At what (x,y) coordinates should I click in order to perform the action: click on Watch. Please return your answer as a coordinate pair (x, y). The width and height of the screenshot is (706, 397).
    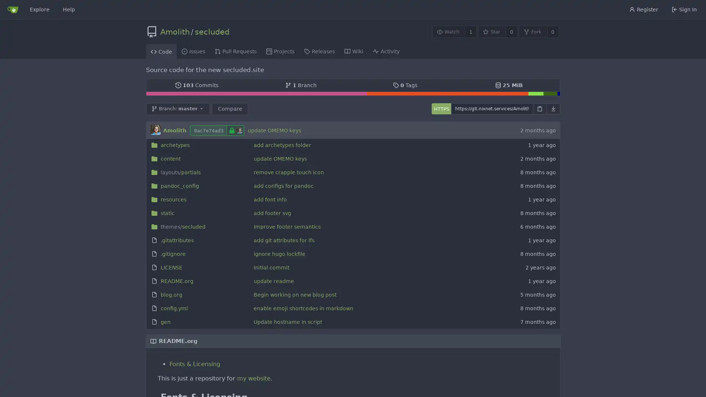
    Looking at the image, I should click on (448, 31).